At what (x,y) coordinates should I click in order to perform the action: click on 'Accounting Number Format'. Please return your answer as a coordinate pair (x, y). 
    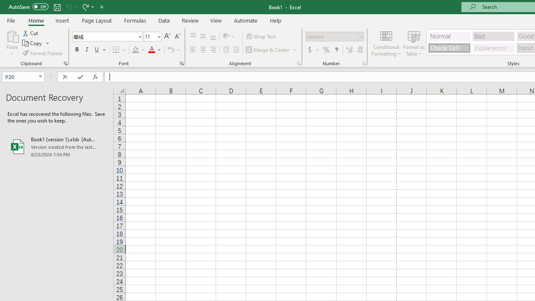
    Looking at the image, I should click on (309, 50).